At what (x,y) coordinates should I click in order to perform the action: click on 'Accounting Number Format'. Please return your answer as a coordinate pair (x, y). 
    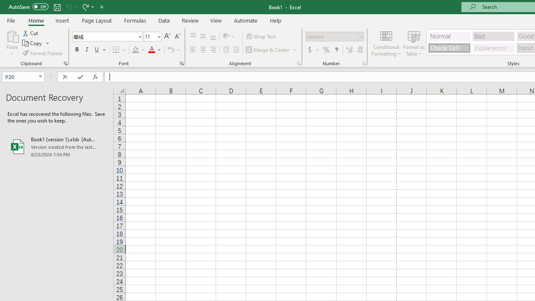
    Looking at the image, I should click on (309, 50).